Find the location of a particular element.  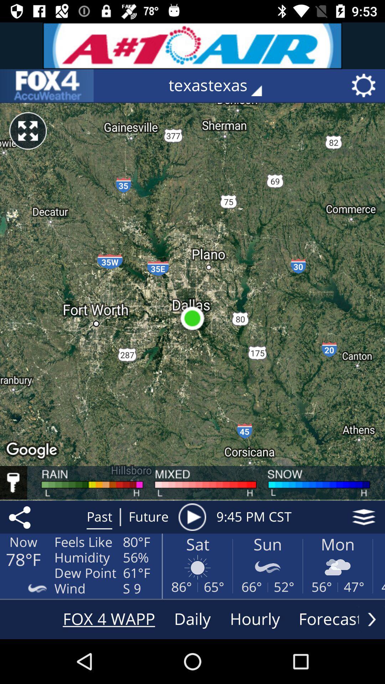

lock weather location map is located at coordinates (14, 483).